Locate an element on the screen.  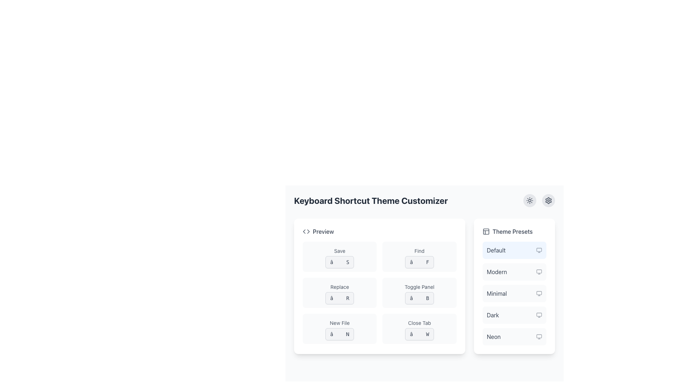
the 'Save' textual label, which is a small gray font component located at the top of the keyboard shortcut section is located at coordinates (339, 251).